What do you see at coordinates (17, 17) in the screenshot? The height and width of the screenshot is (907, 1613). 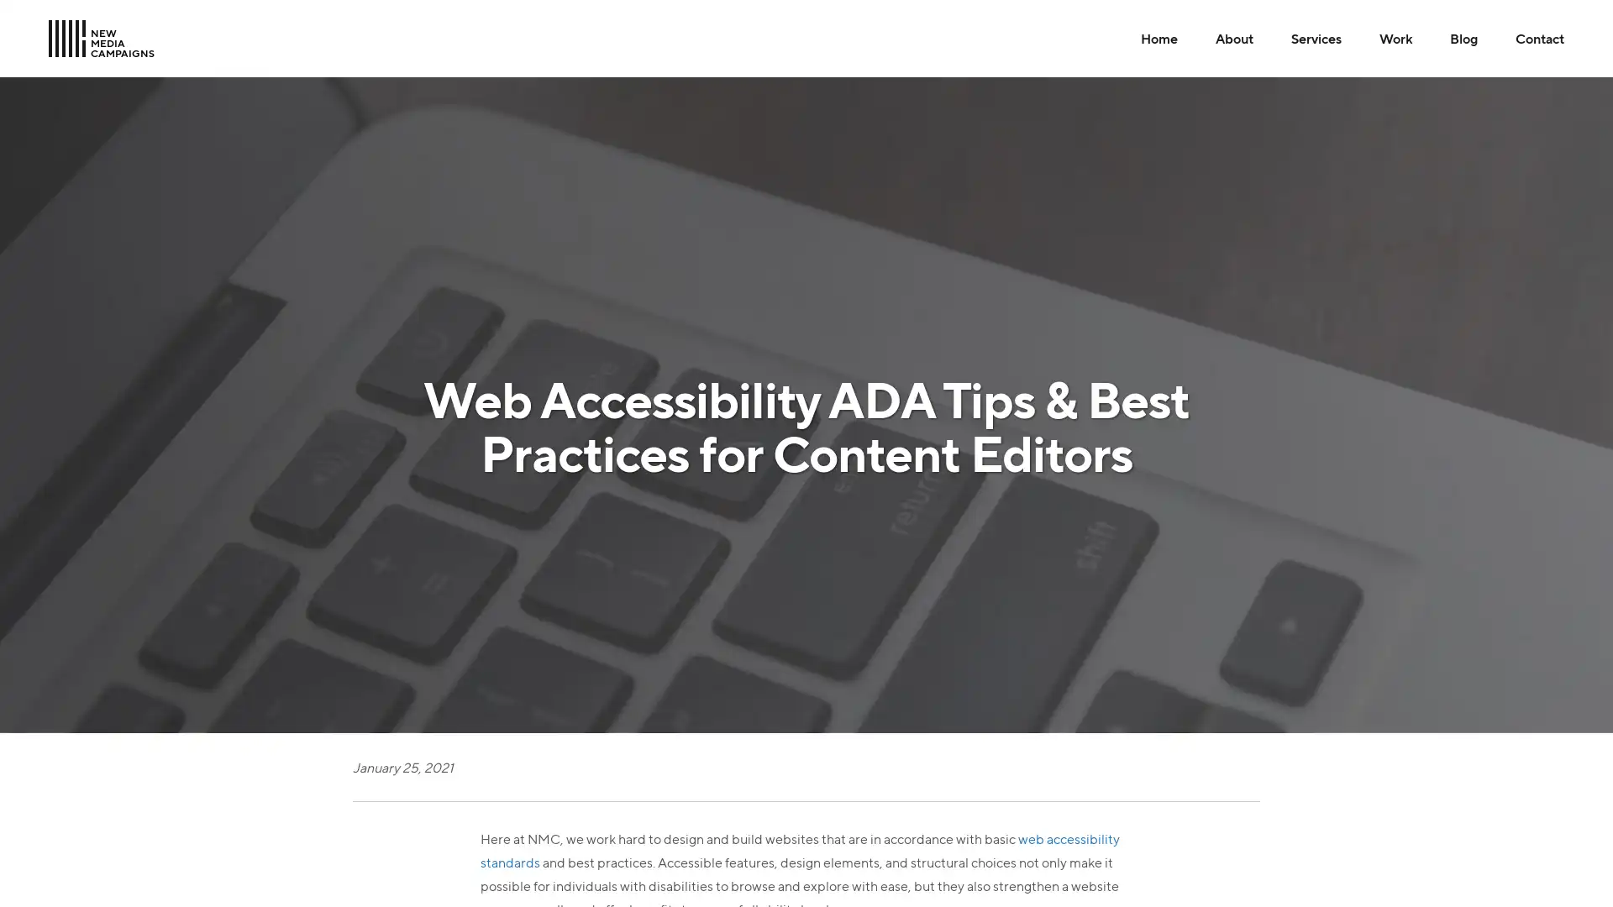 I see `Skip to Main Content` at bounding box center [17, 17].